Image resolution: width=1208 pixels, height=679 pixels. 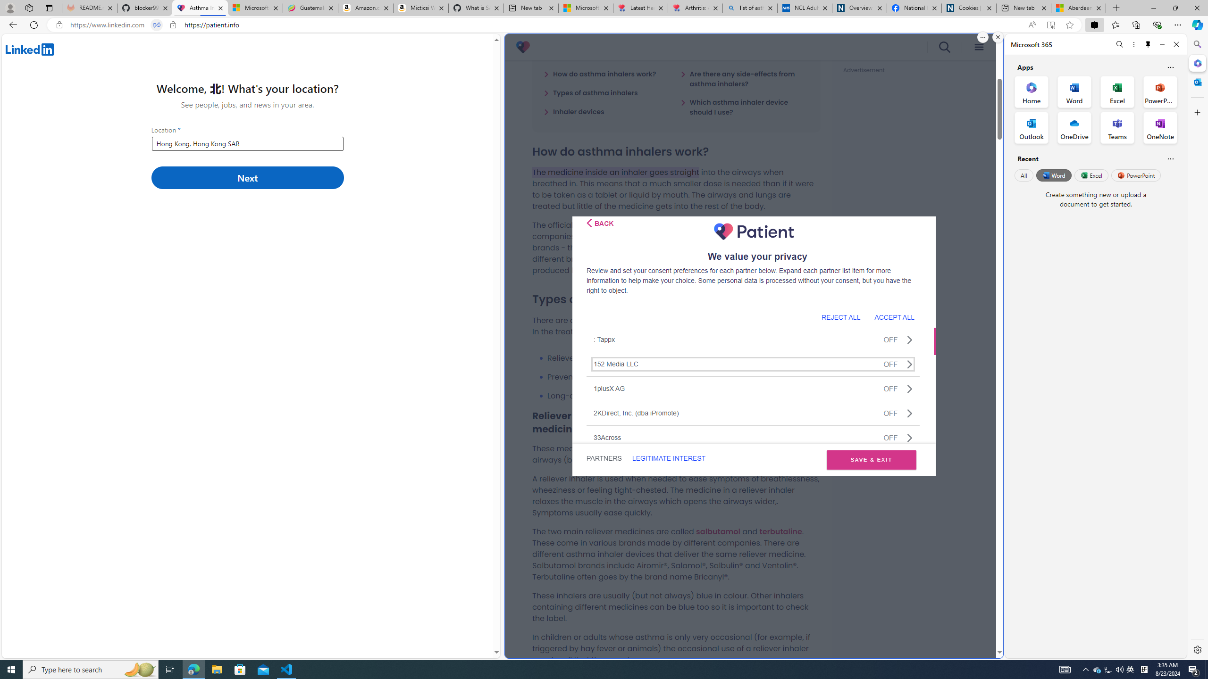 I want to click on 'Aberdeen, Hong Kong SAR hourly forecast | Microsoft Weather', so click(x=1079, y=8).